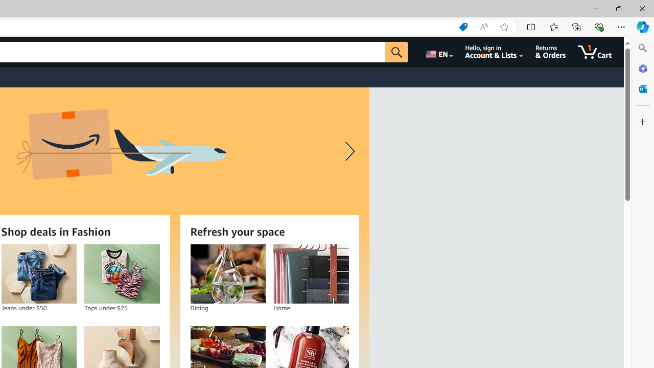  I want to click on 'Next slide', so click(347, 151).